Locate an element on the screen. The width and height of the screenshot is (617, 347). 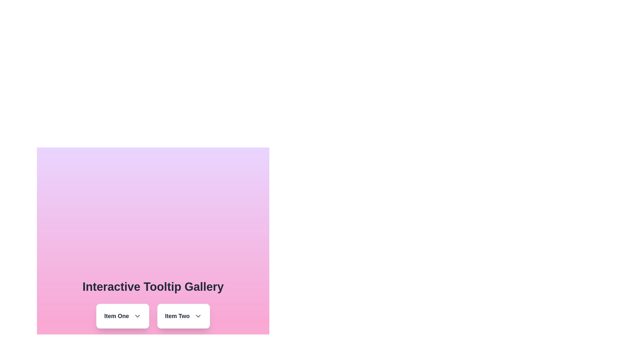
the interactive dropdown trigger button associated with 'Item Two' for keyboard navigation is located at coordinates (198, 316).